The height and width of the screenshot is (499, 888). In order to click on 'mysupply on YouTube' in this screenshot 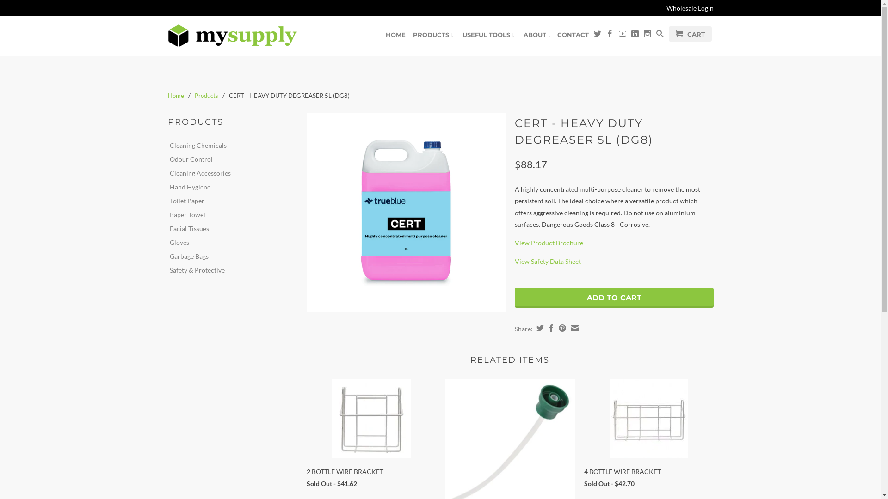, I will do `click(622, 35)`.